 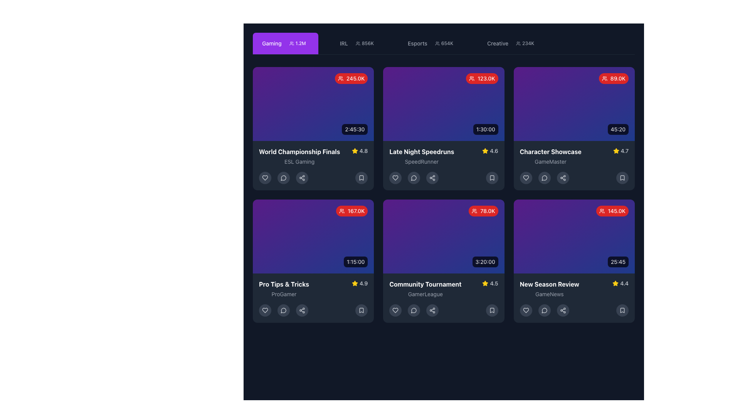 I want to click on the circular speech bubble icon button, which is the second icon in the control group below the 'Late Night Speedruns' card, so click(x=414, y=178).